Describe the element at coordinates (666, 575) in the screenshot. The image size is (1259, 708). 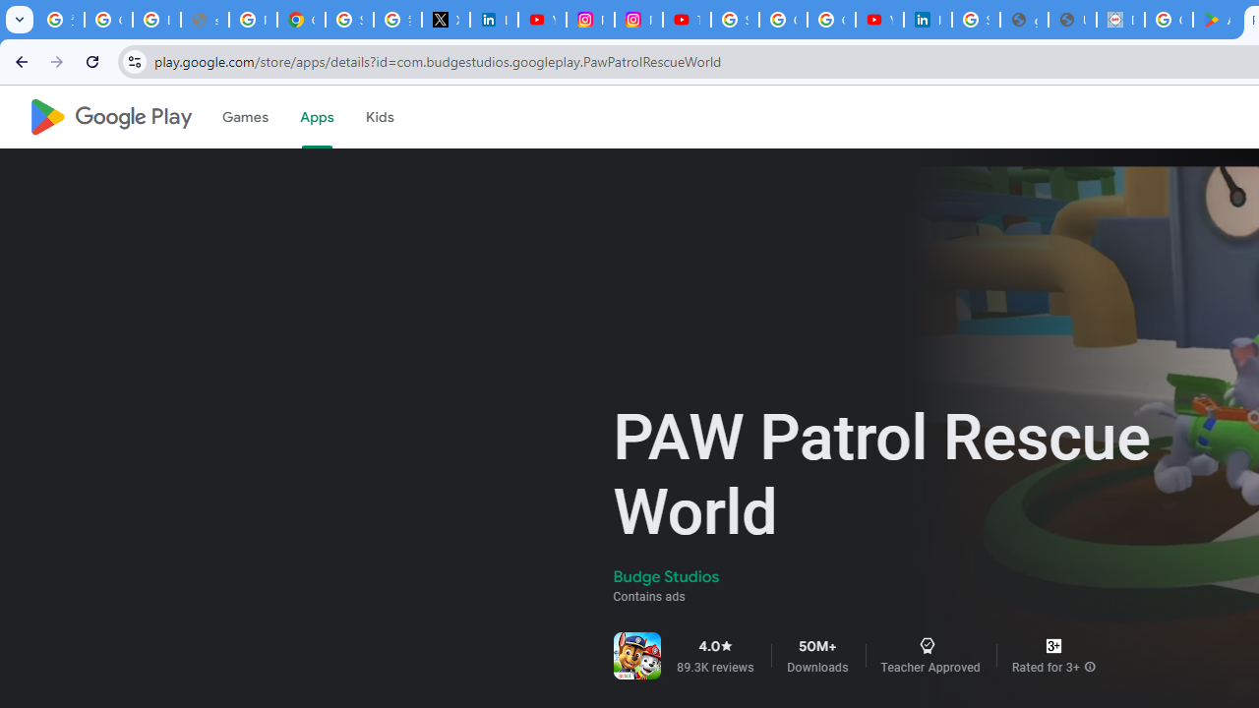
I see `'Budge Studios'` at that location.